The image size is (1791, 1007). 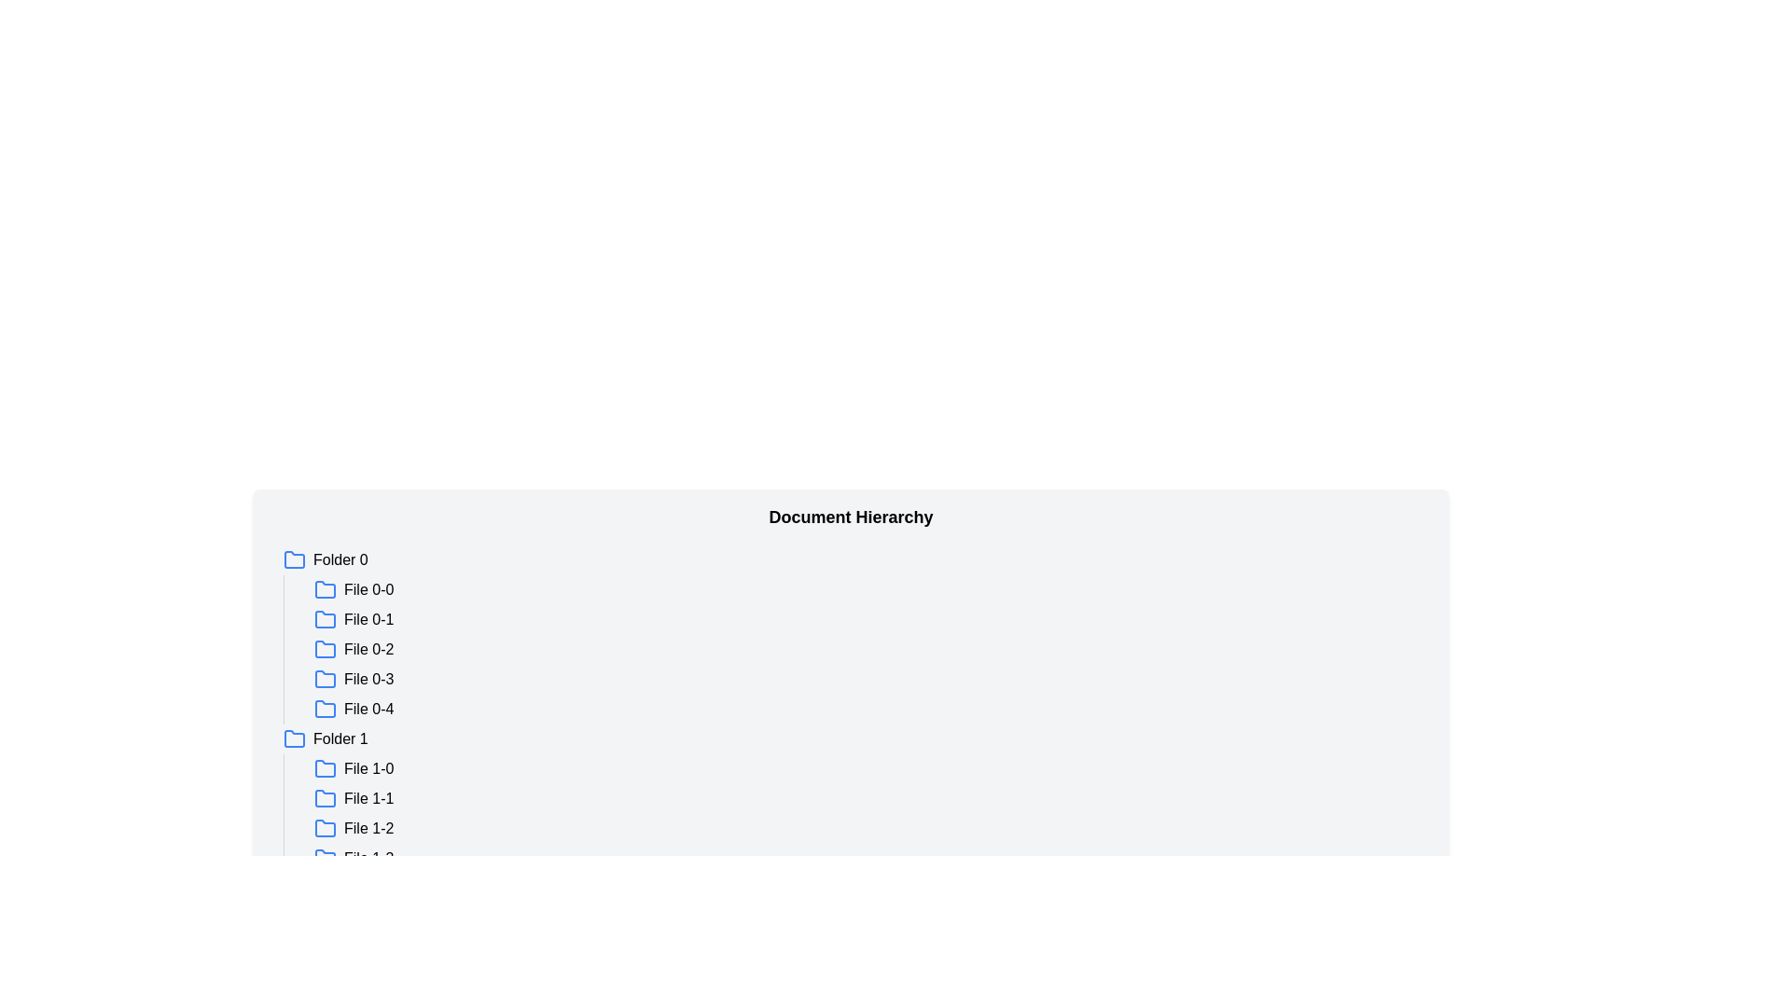 I want to click on the text label representing the second file entry under 'Folder 1', so click(x=368, y=797).